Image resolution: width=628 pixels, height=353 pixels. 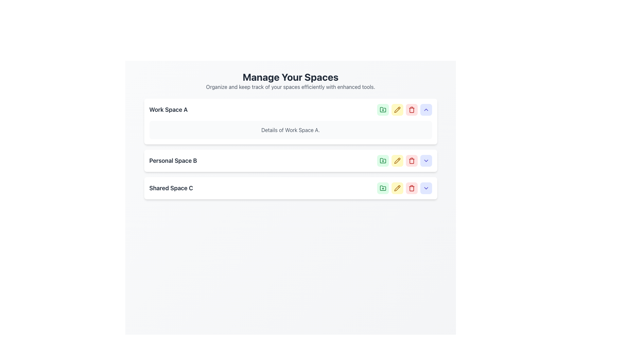 I want to click on the downward-pointing chevron icon inside the 'Toggle Details' button, so click(x=426, y=161).